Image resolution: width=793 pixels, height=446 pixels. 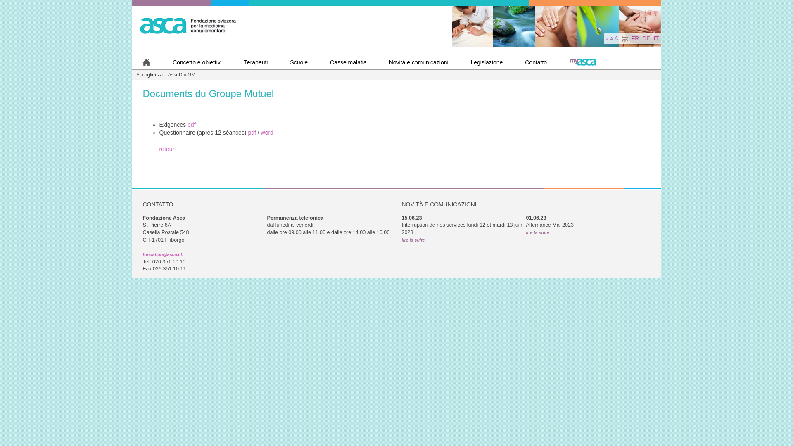 What do you see at coordinates (611, 38) in the screenshot?
I see `'A'` at bounding box center [611, 38].